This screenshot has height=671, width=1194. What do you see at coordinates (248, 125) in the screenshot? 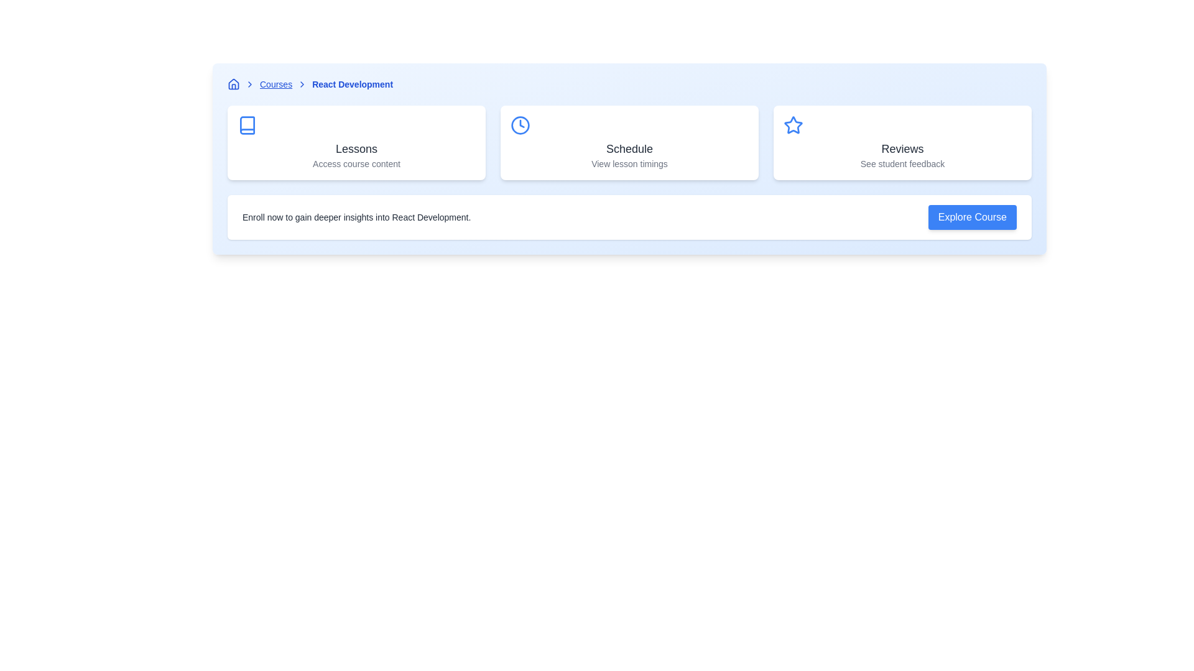
I see `the outlined book icon located in the top-left corner of the 'Lessons' card` at bounding box center [248, 125].